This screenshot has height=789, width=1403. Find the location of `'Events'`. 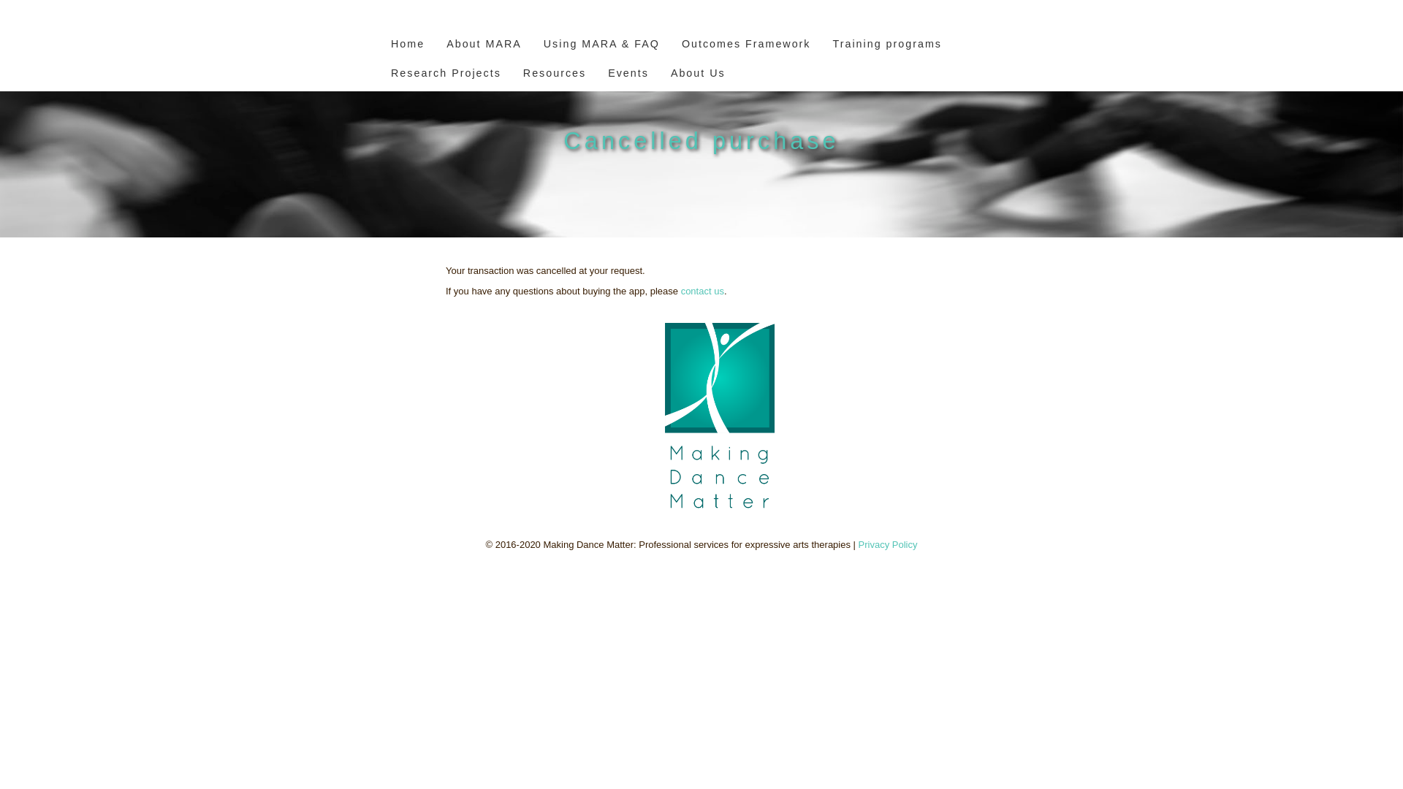

'Events' is located at coordinates (600, 76).